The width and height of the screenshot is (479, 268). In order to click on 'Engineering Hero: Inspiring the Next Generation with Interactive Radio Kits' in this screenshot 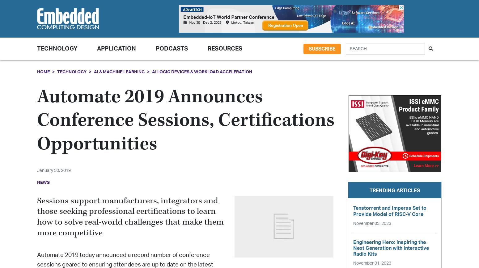, I will do `click(391, 248)`.